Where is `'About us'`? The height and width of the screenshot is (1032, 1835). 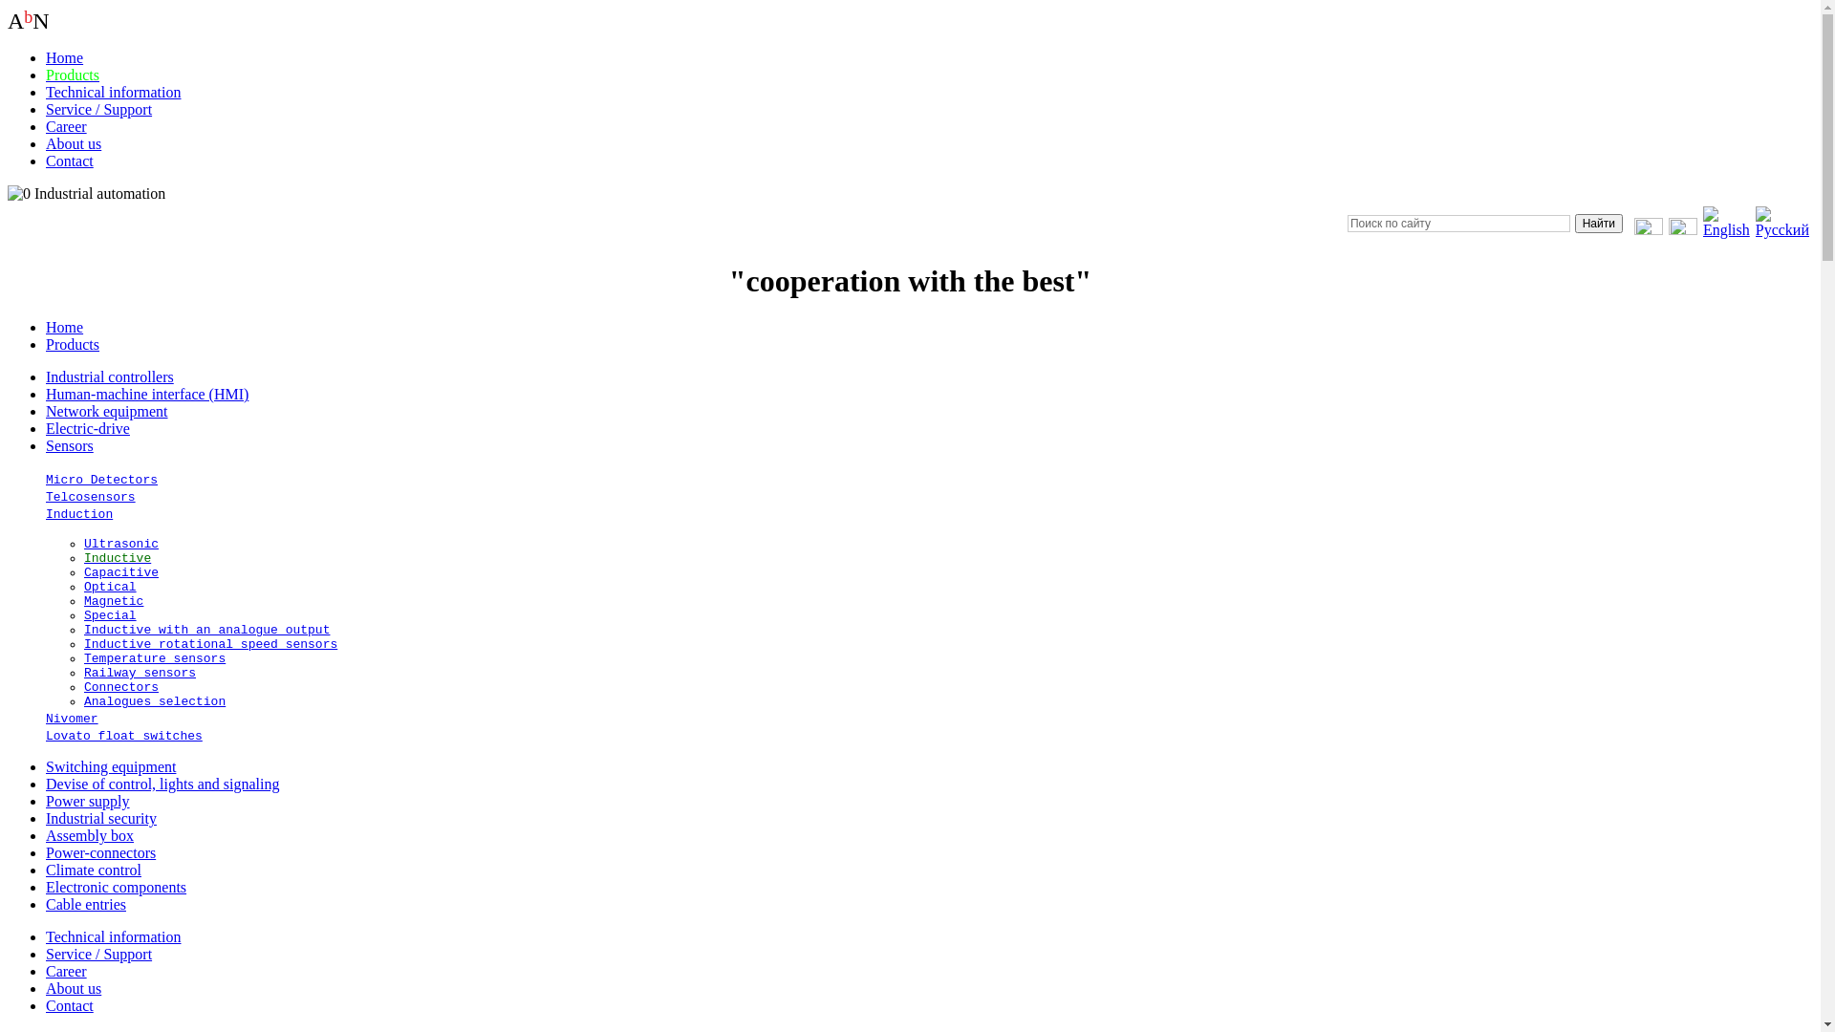 'About us' is located at coordinates (73, 142).